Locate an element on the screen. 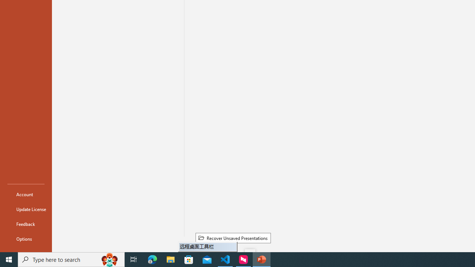 This screenshot has width=475, height=267. 'Recover Unsaved Presentations' is located at coordinates (233, 238).